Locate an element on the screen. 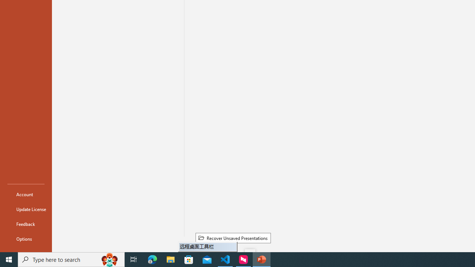 This screenshot has width=475, height=267. 'Recover Unsaved Presentations' is located at coordinates (233, 238).